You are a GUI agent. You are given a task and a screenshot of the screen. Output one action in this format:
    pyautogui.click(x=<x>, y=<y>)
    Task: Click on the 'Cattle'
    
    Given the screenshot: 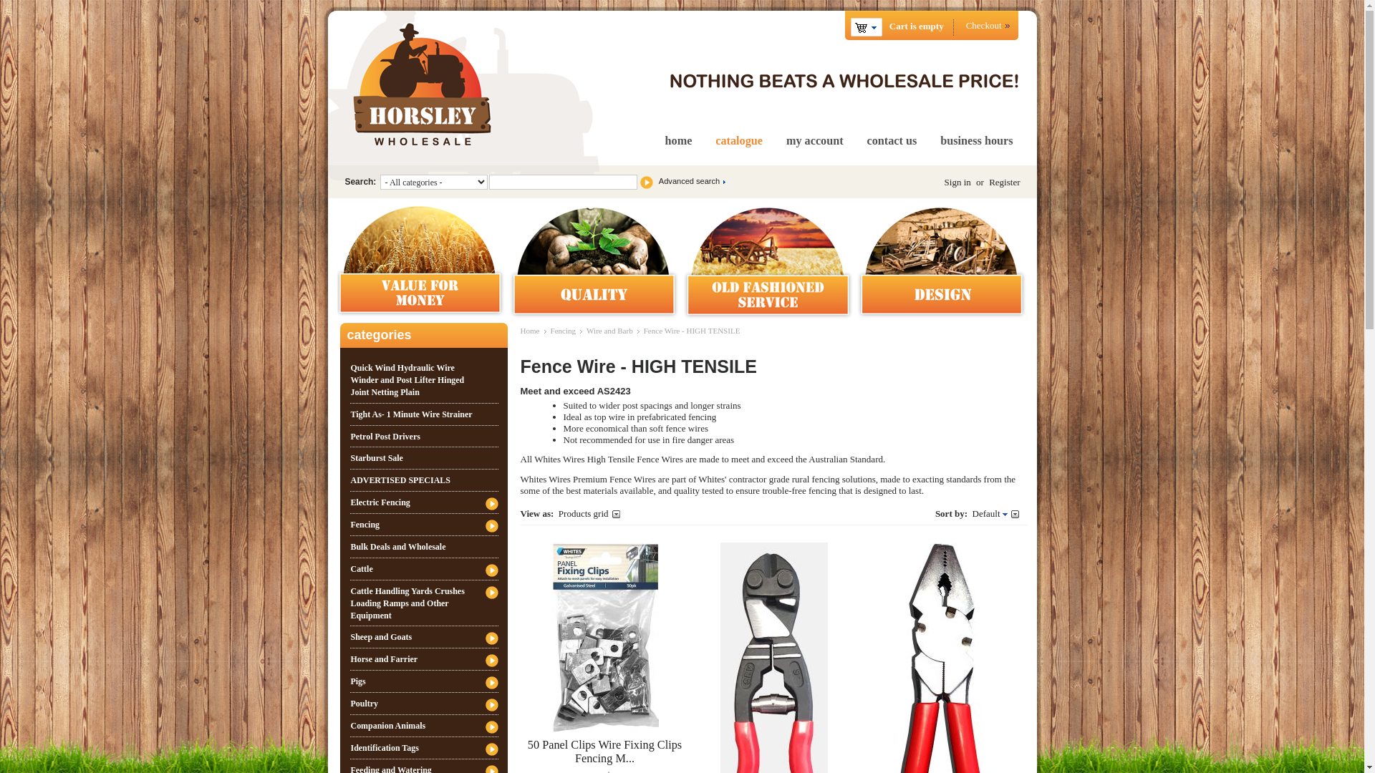 What is the action you would take?
    pyautogui.click(x=423, y=568)
    